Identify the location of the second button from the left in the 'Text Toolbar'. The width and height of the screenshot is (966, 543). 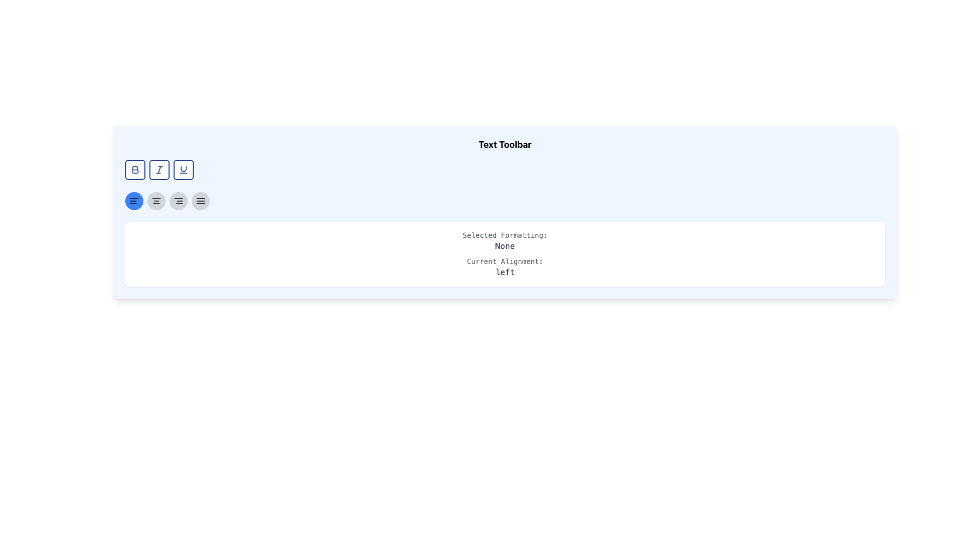
(158, 169).